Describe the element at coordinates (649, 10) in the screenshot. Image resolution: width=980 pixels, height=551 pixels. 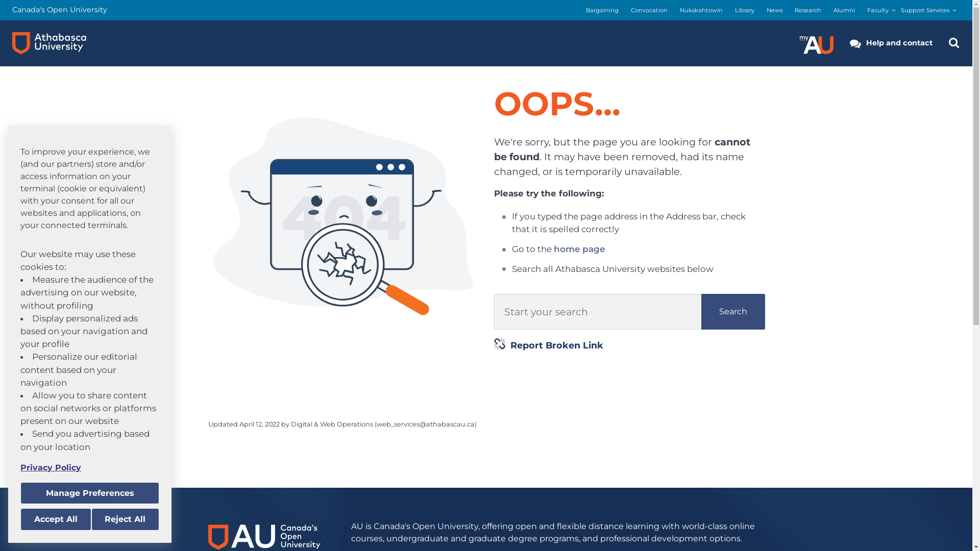
I see `'Convocation'` at that location.